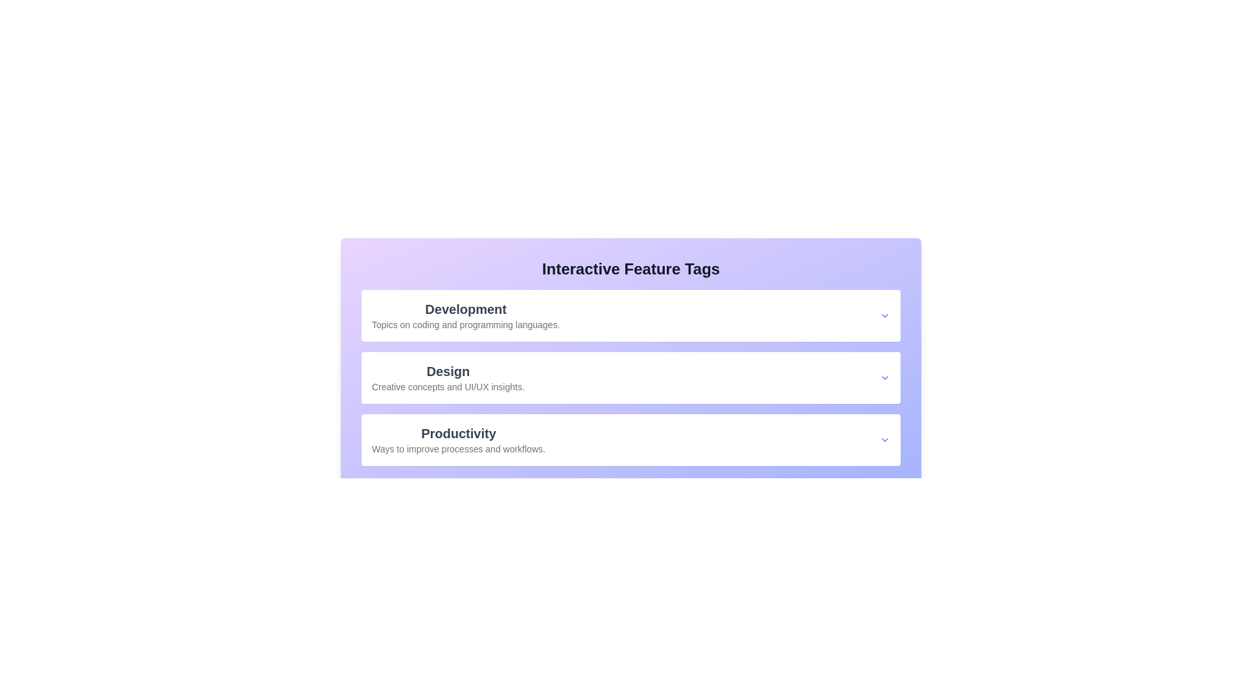 The image size is (1244, 699). Describe the element at coordinates (458, 439) in the screenshot. I see `the Text block that serves as a label for productivity improvement, positioned below the 'Development' and 'Design' blocks` at that location.